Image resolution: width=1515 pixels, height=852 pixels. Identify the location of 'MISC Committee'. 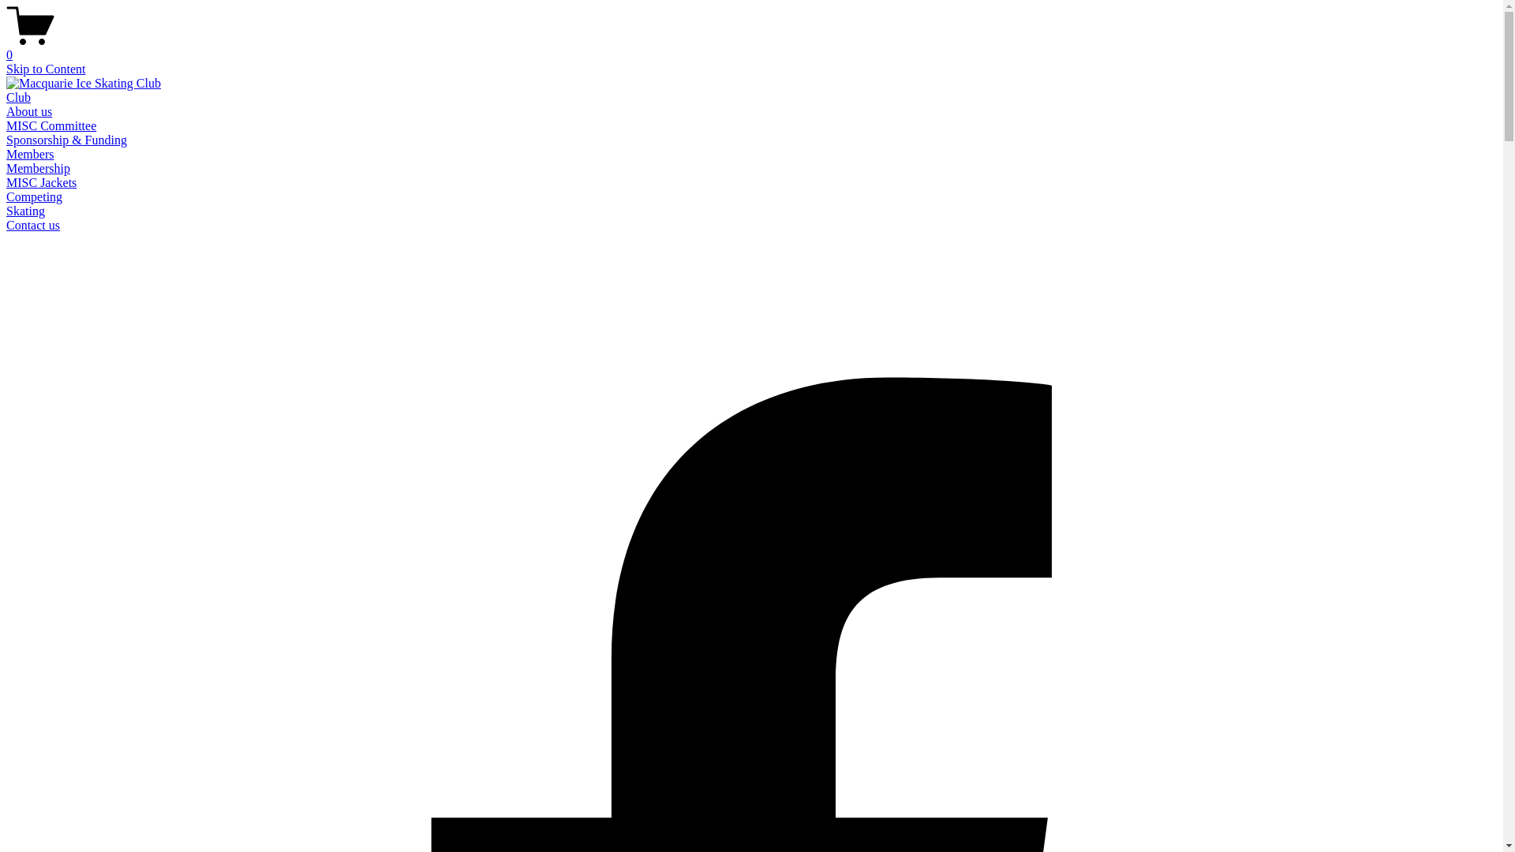
(51, 125).